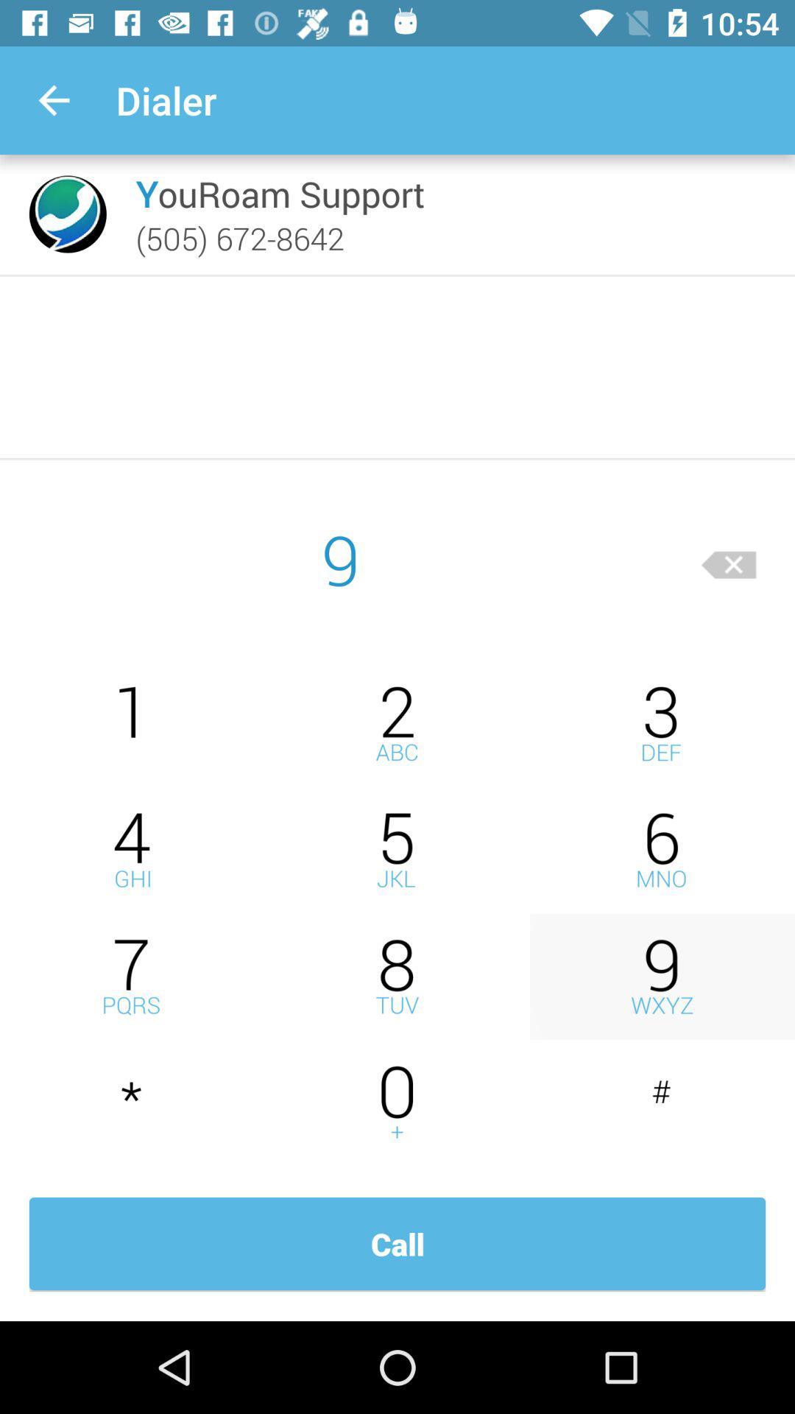 The height and width of the screenshot is (1414, 795). I want to click on hash key, so click(661, 1103).